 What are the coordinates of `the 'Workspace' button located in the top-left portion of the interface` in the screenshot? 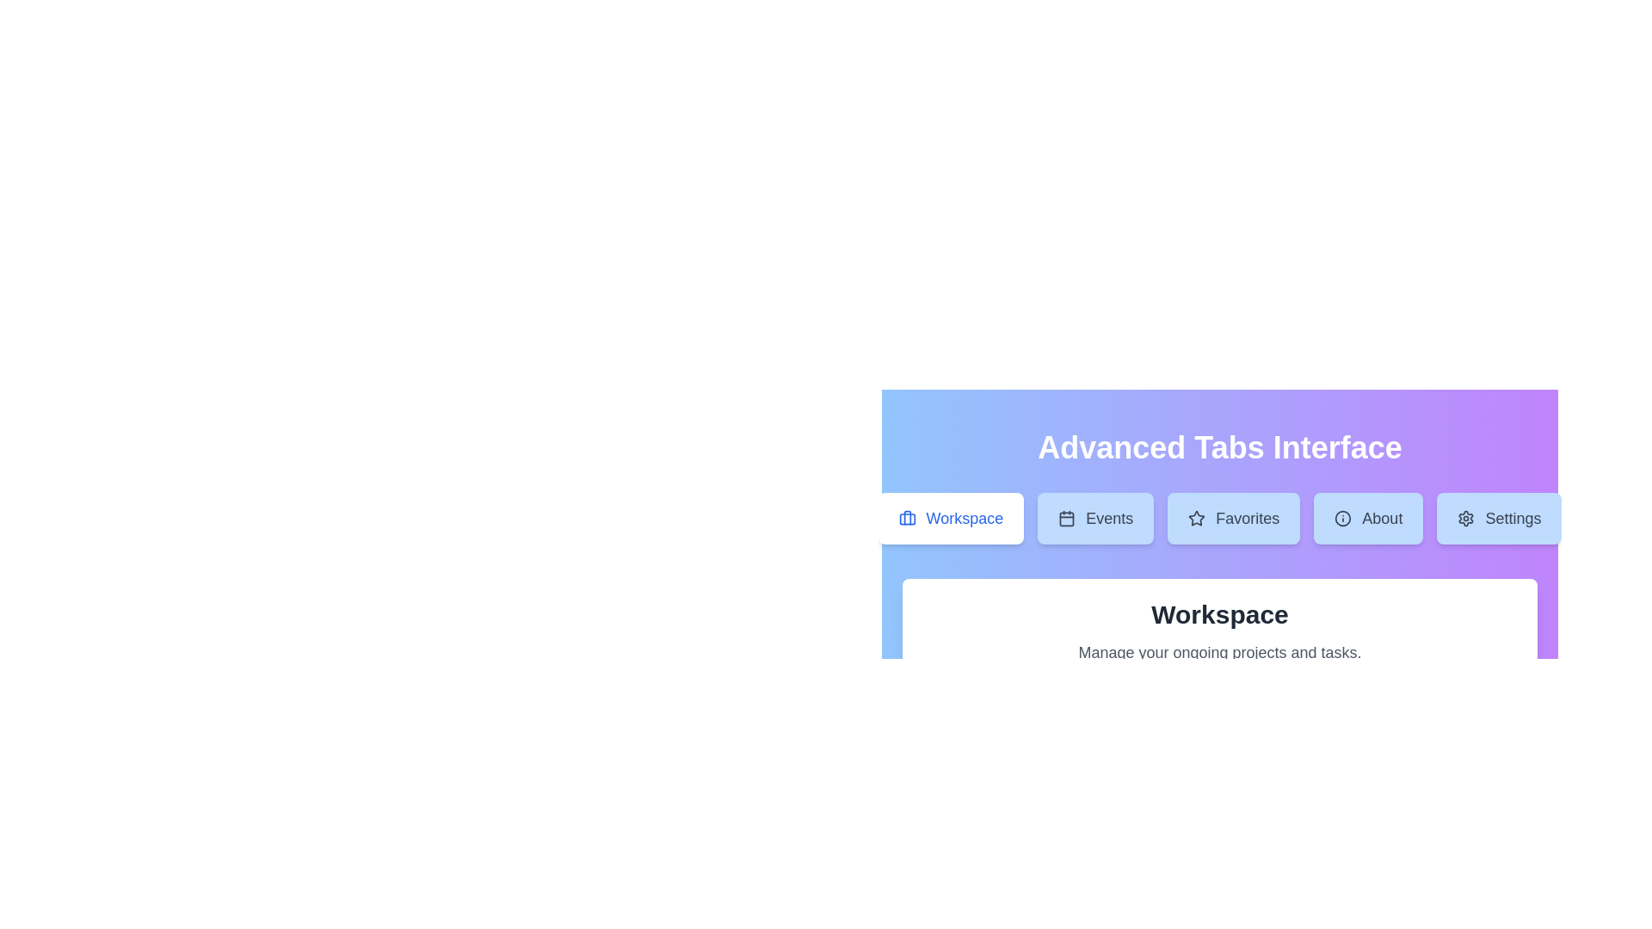 It's located at (950, 517).